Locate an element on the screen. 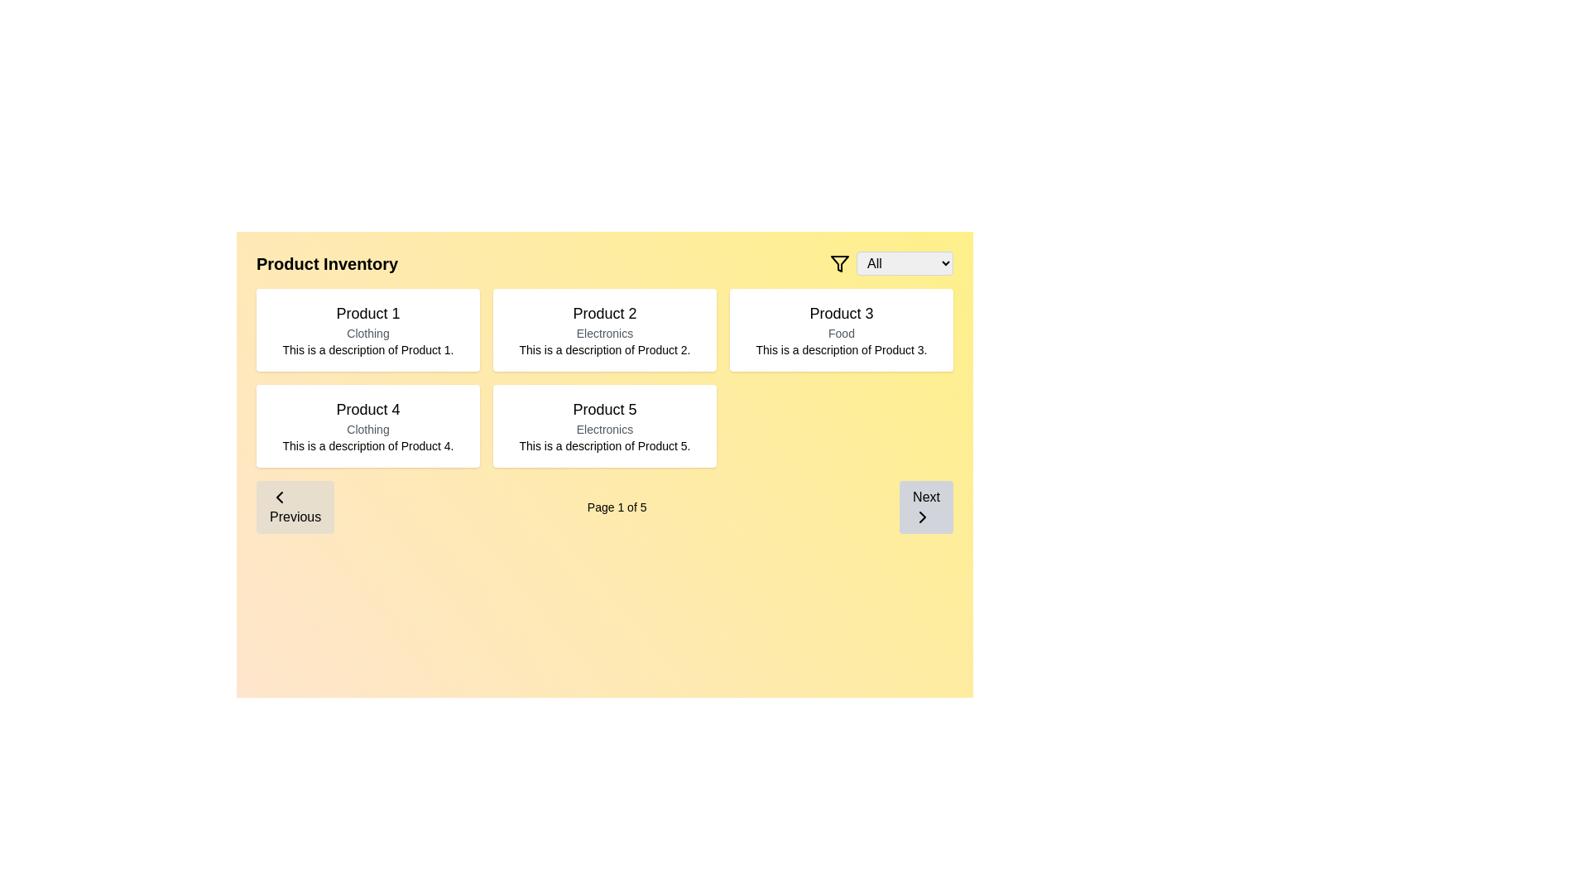 The width and height of the screenshot is (1589, 894). the text label 'Food' which is styled with a smaller font size and gray color, positioned underneath the 'Product 3' title is located at coordinates (842, 333).